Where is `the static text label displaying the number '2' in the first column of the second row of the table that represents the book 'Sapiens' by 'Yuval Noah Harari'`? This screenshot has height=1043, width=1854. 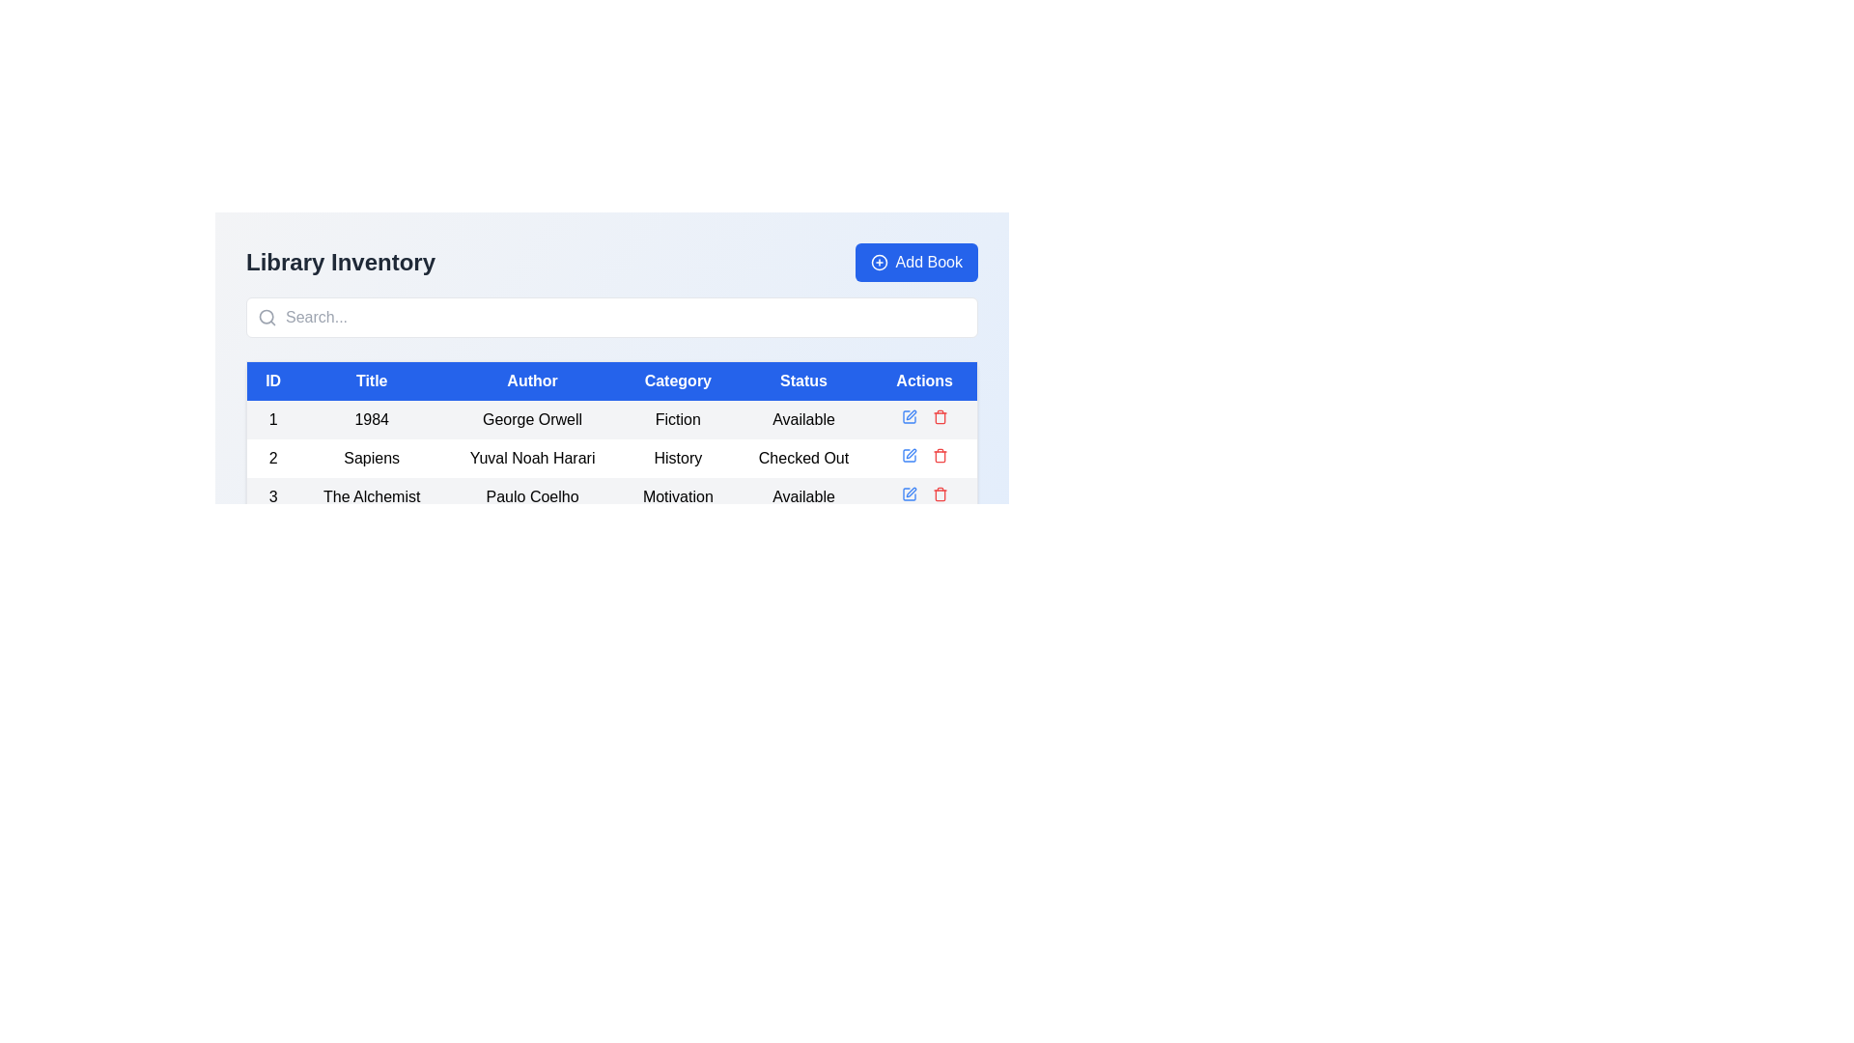
the static text label displaying the number '2' in the first column of the second row of the table that represents the book 'Sapiens' by 'Yuval Noah Harari' is located at coordinates (271, 458).